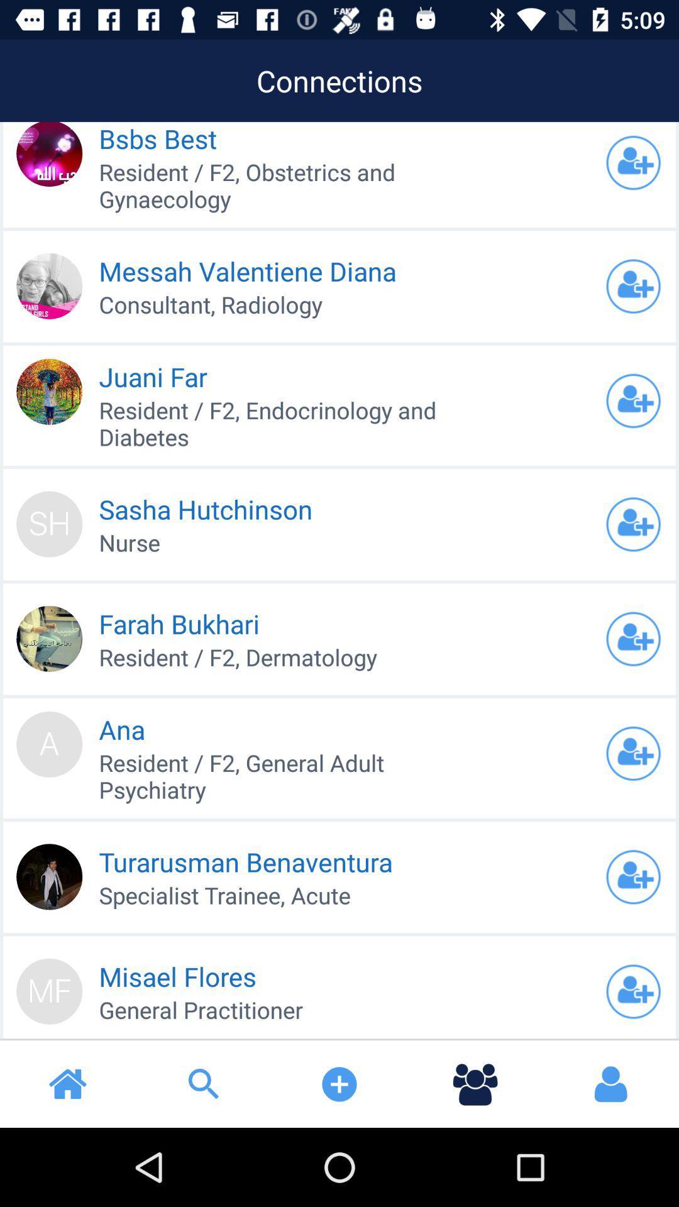 Image resolution: width=679 pixels, height=1207 pixels. What do you see at coordinates (633, 639) in the screenshot?
I see `connection` at bounding box center [633, 639].